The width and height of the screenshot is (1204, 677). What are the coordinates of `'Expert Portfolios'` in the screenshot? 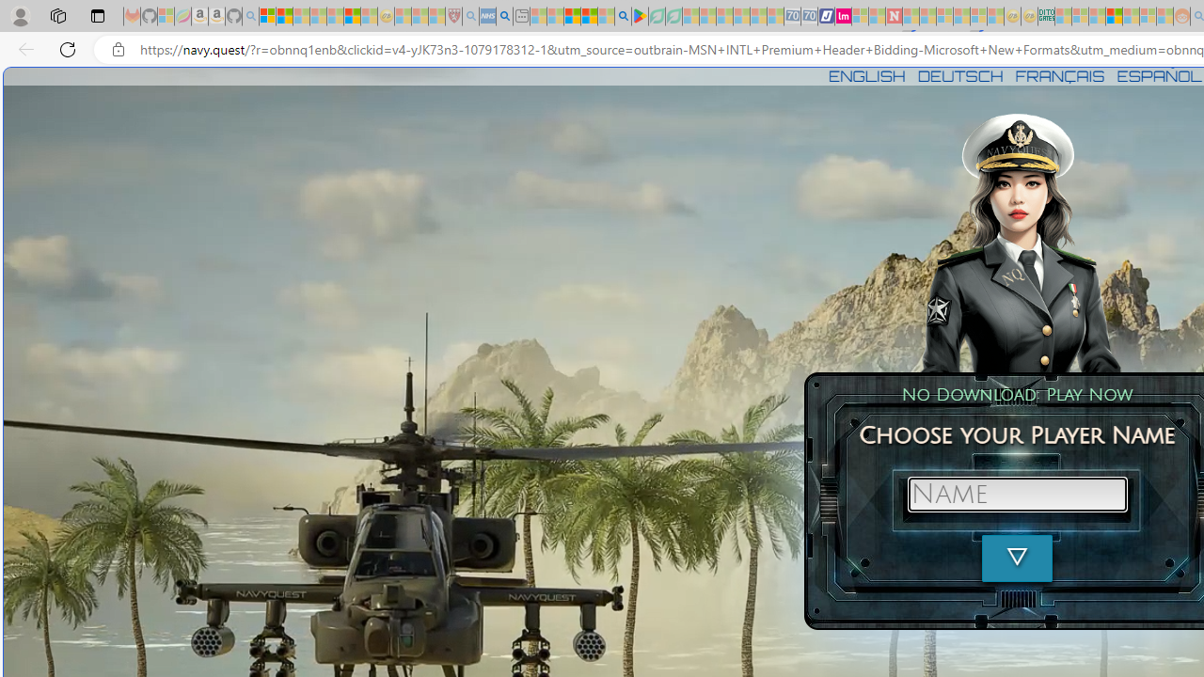 It's located at (1114, 16).